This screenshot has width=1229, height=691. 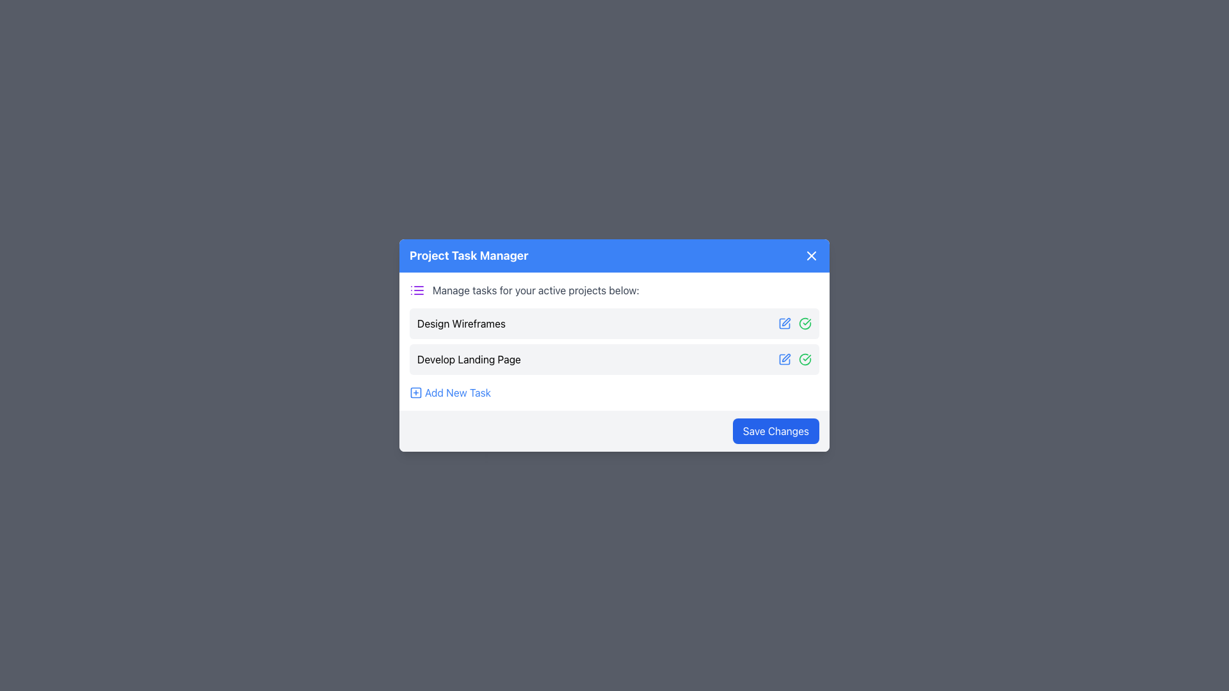 What do you see at coordinates (417, 290) in the screenshot?
I see `the icon located in the upper-left corner of the section labeled 'Manage tasks for your active projects below:', which indicates a list or task-related functionality` at bounding box center [417, 290].